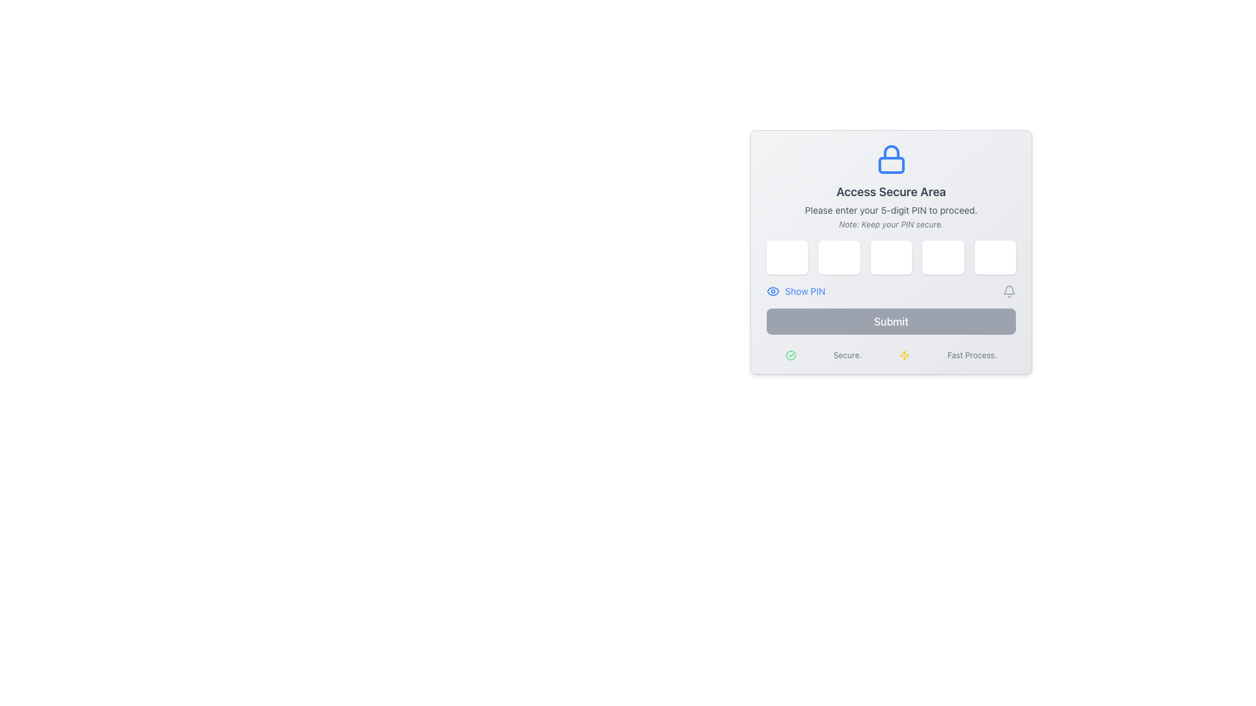 This screenshot has width=1256, height=706. What do you see at coordinates (943, 257) in the screenshot?
I see `the fourth password input box to focus the field for entering the PIN character` at bounding box center [943, 257].